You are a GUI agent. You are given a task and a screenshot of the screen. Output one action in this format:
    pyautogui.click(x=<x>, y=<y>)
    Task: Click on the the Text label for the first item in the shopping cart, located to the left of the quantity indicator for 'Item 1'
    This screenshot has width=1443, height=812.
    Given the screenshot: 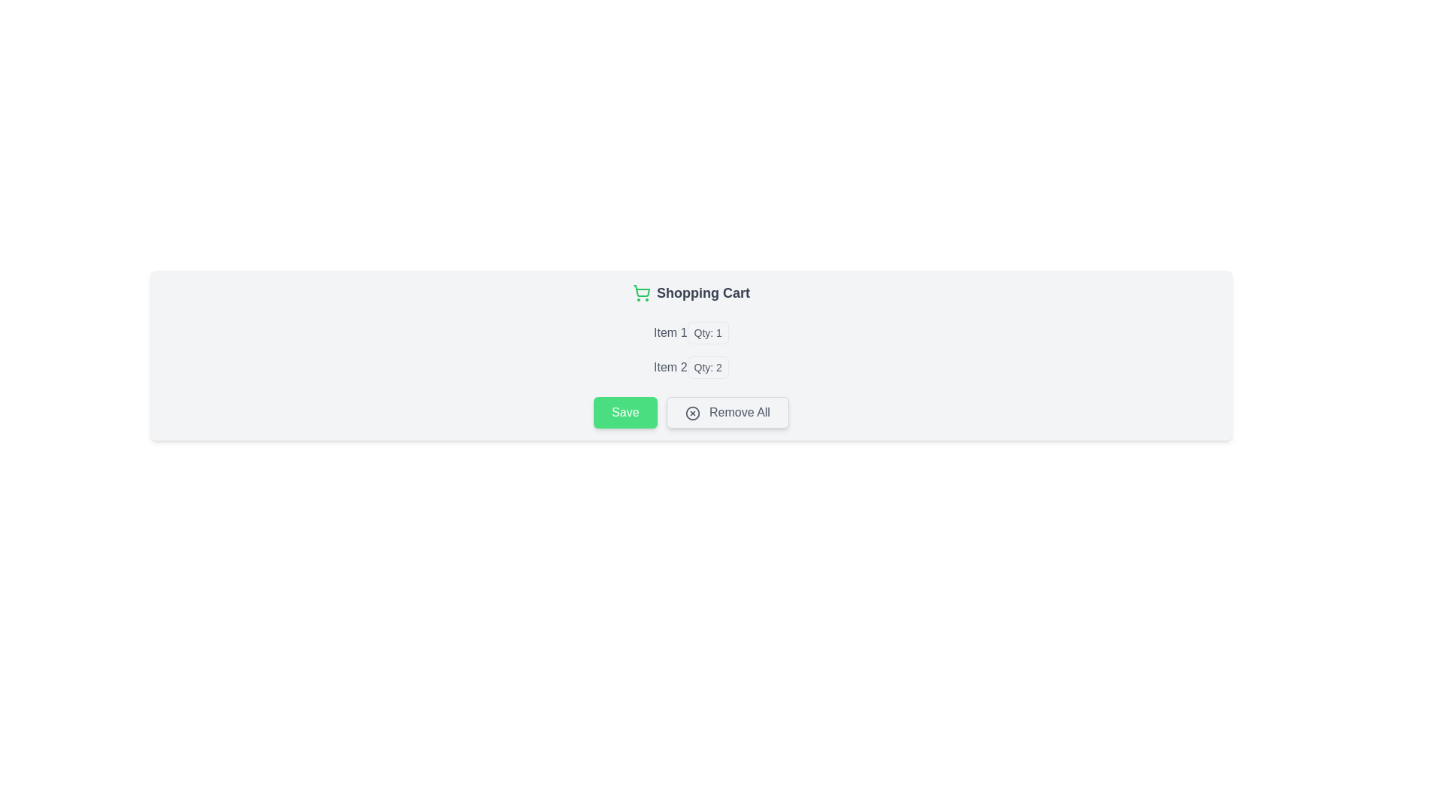 What is the action you would take?
    pyautogui.click(x=670, y=332)
    